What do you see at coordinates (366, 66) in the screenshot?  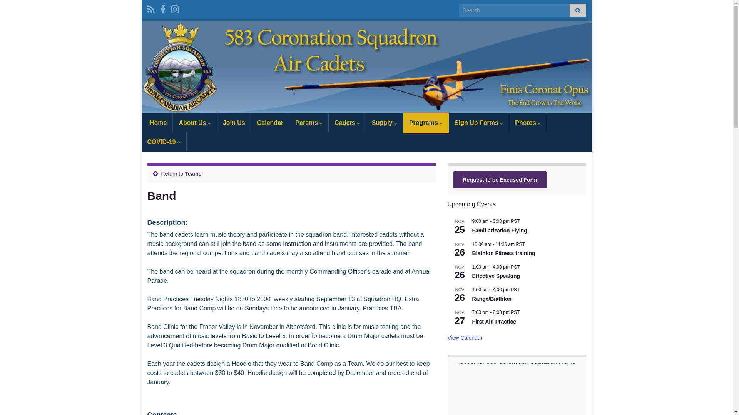 I see `'583cadetsbanner01t'` at bounding box center [366, 66].